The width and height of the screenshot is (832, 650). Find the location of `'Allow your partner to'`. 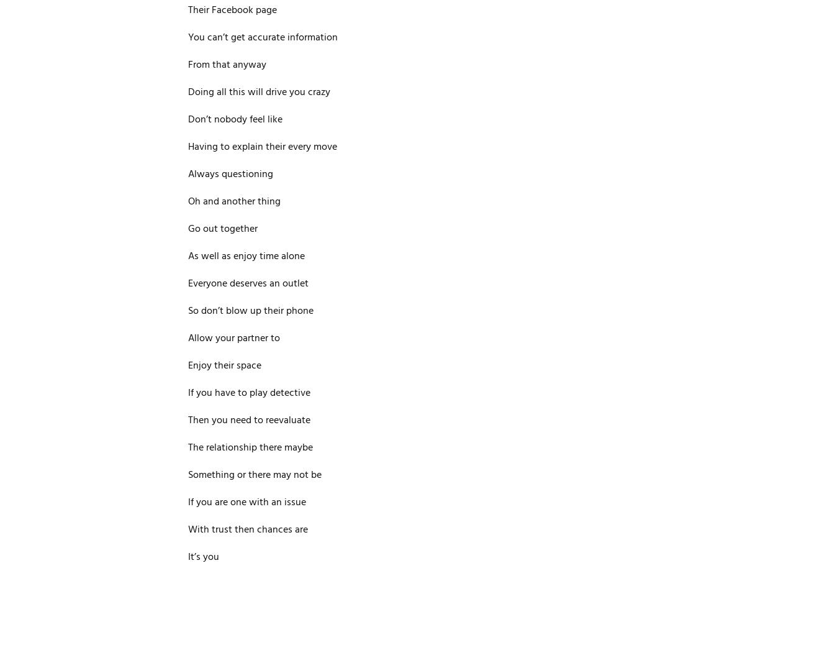

'Allow your partner to' is located at coordinates (233, 337).